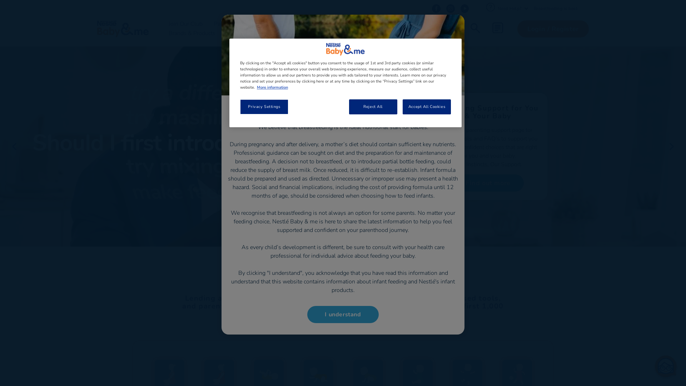 This screenshot has width=686, height=386. Describe the element at coordinates (345, 49) in the screenshot. I see `'Company Logo'` at that location.